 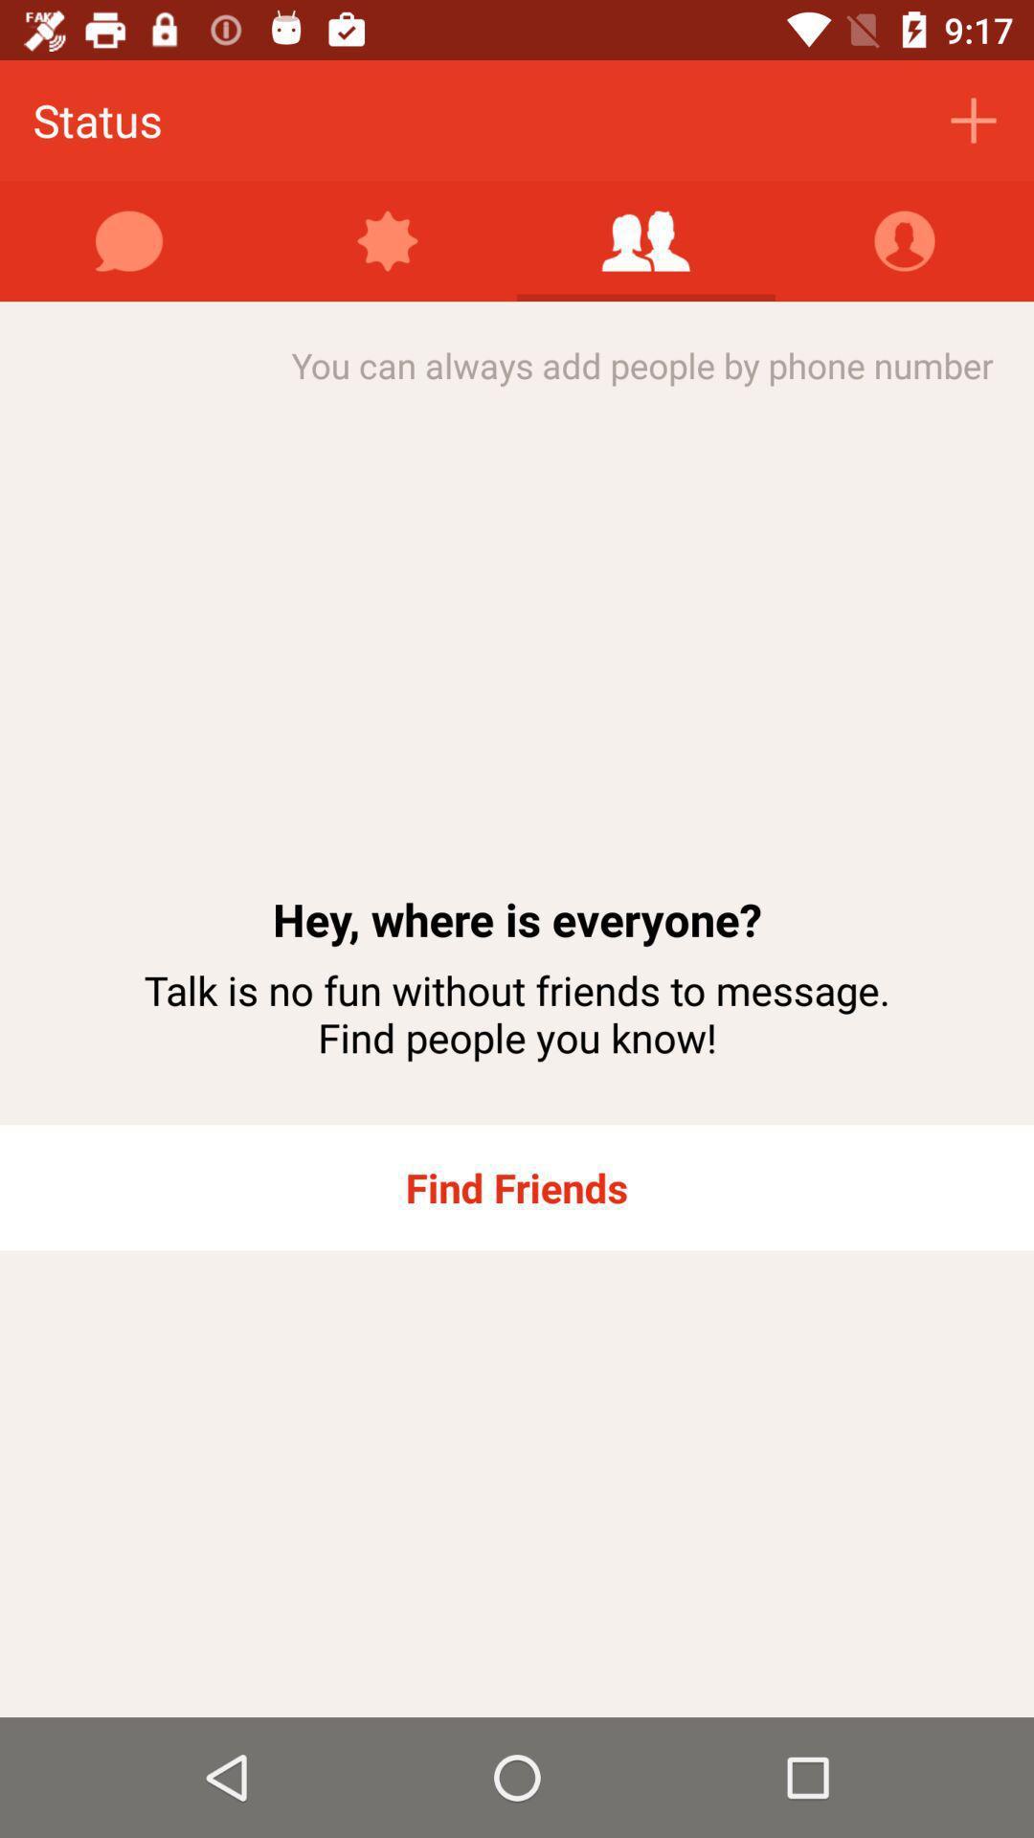 I want to click on open chat window, so click(x=129, y=240).